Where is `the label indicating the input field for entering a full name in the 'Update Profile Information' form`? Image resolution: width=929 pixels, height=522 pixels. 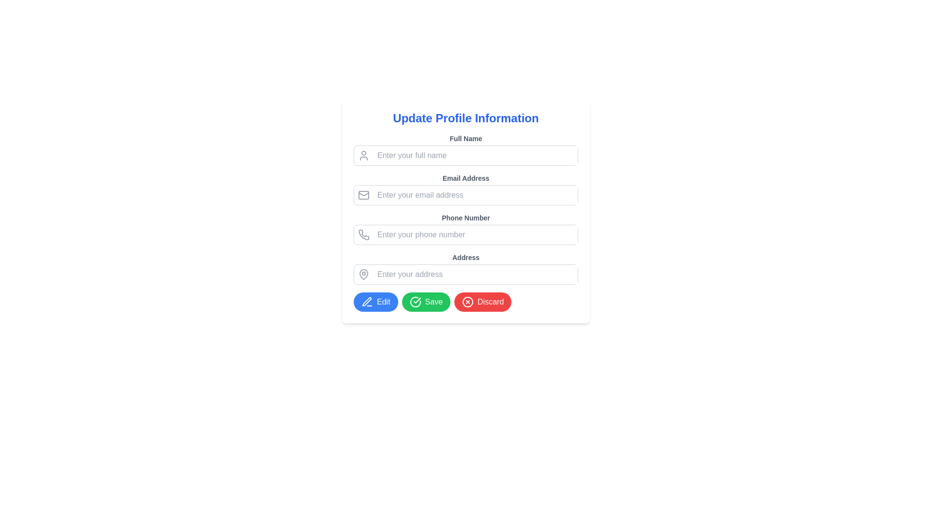 the label indicating the input field for entering a full name in the 'Update Profile Information' form is located at coordinates (466, 138).